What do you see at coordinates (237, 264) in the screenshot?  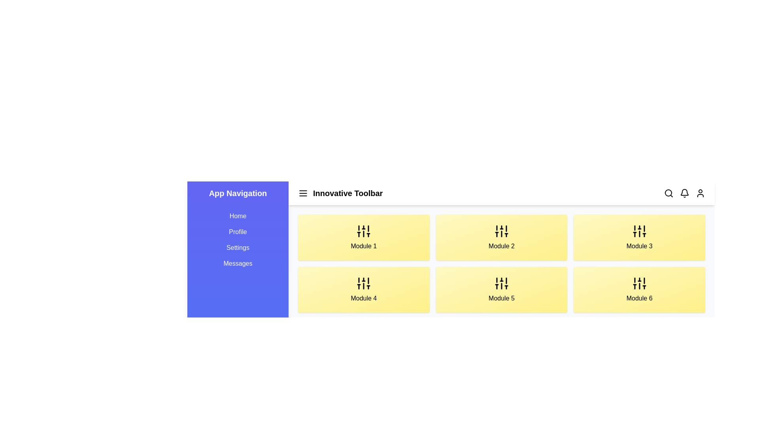 I see `the navigation link labeled Messages` at bounding box center [237, 264].